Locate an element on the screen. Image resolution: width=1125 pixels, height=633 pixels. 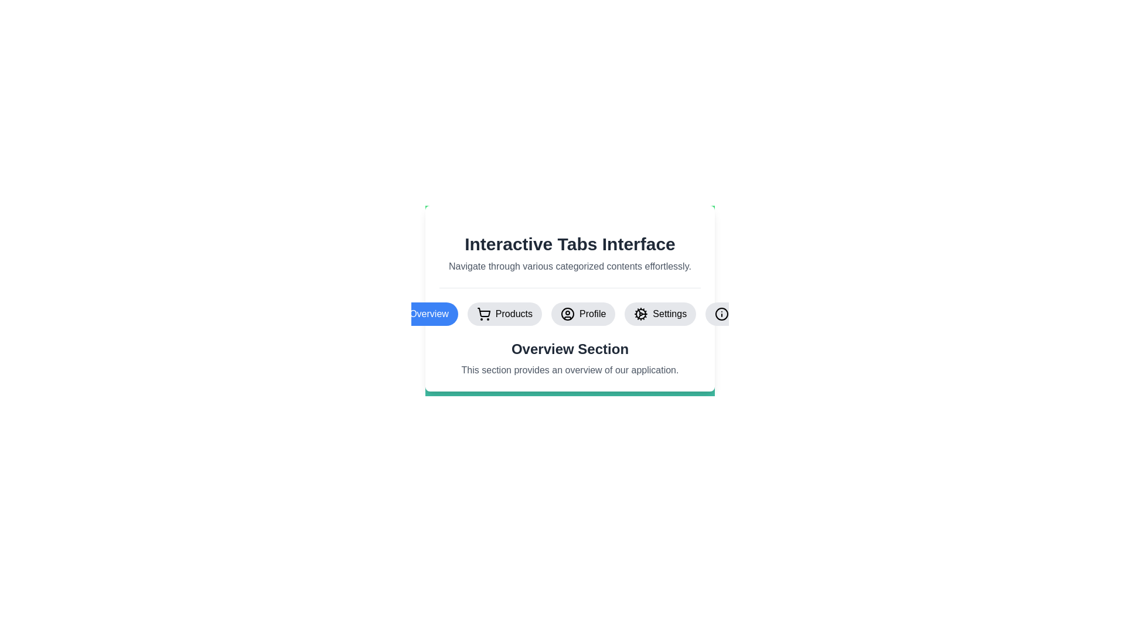
the navigation button located to the right of the 'Overview' button and to the left of the 'Profile' button is located at coordinates (504, 314).